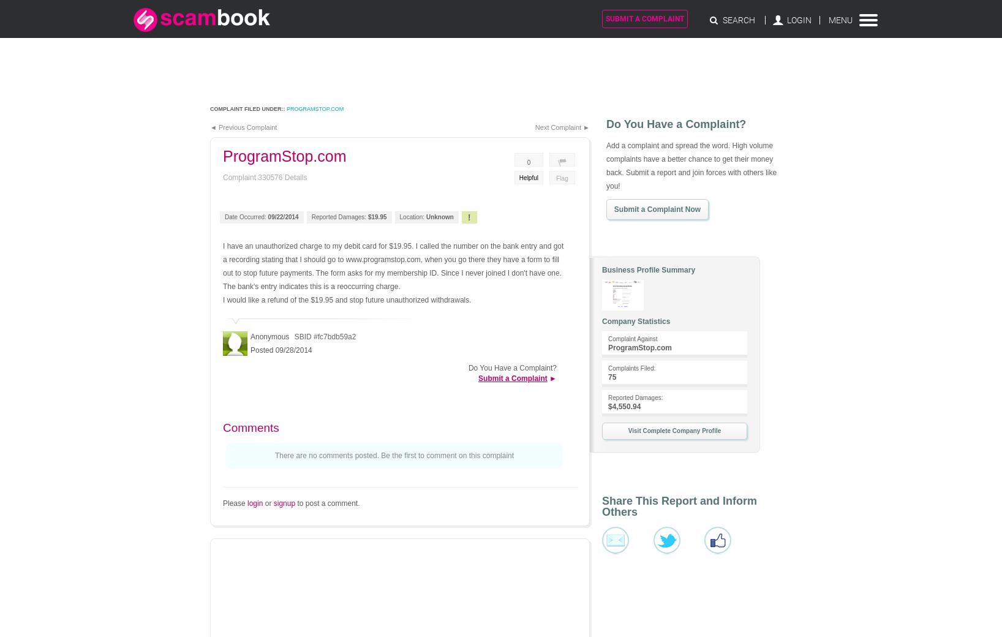 The width and height of the screenshot is (1002, 637). I want to click on 'Company Statistics', so click(636, 320).